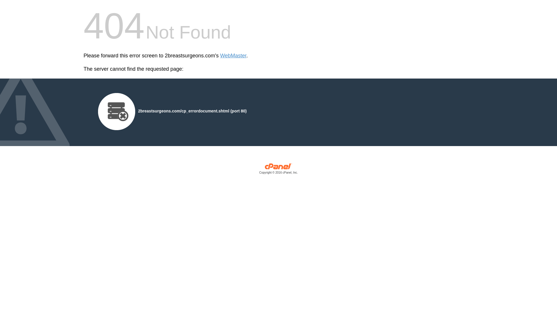  Describe the element at coordinates (233, 56) in the screenshot. I see `'WebMaster'` at that location.